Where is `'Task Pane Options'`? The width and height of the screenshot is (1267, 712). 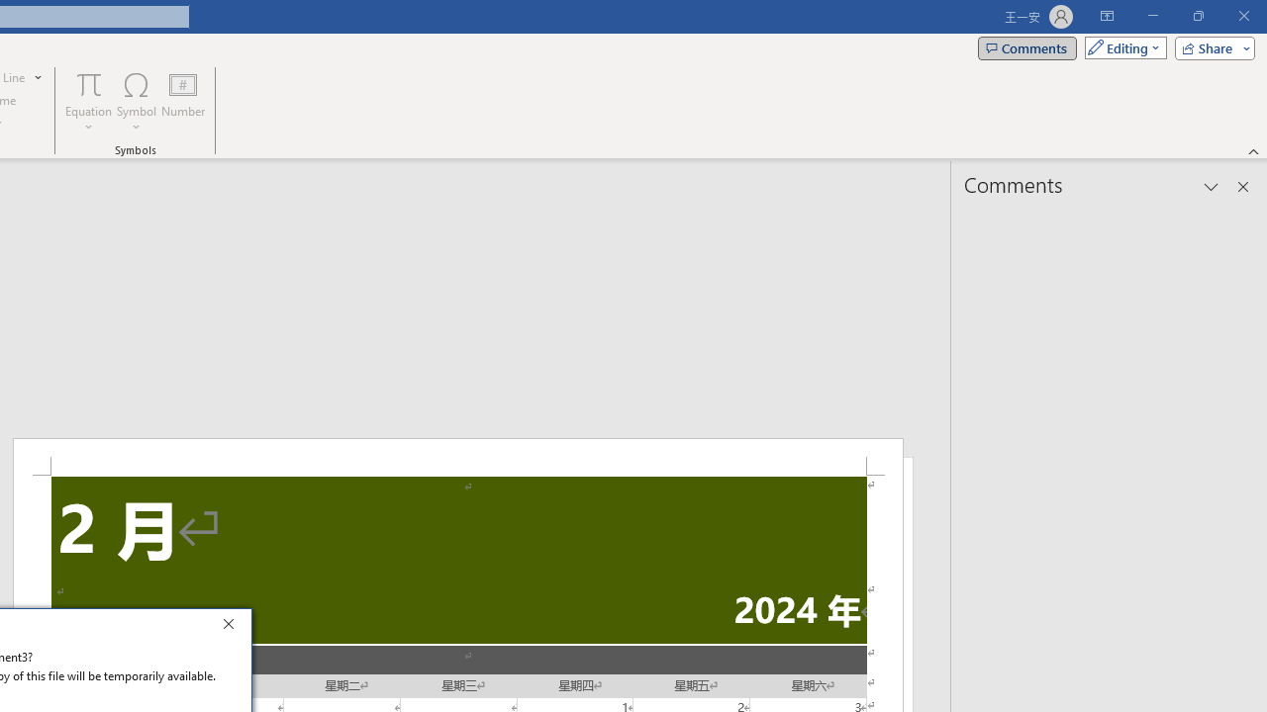 'Task Pane Options' is located at coordinates (1211, 187).